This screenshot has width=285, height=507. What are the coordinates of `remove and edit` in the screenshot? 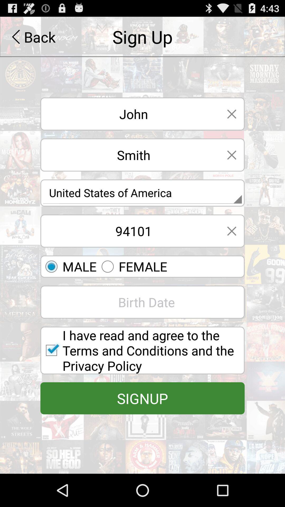 It's located at (231, 231).